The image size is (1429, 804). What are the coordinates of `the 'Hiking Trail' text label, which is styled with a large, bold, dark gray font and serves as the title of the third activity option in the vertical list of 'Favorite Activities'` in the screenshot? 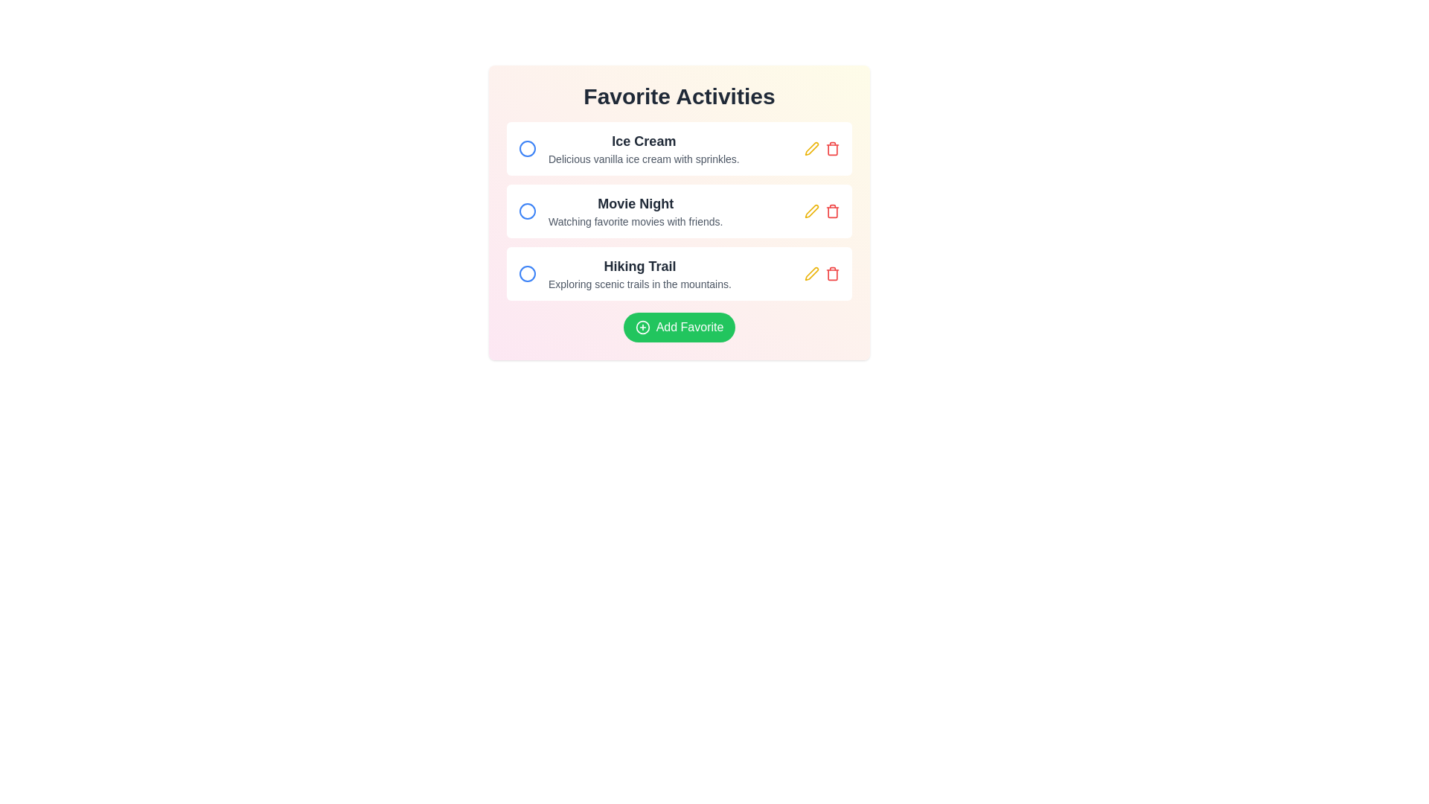 It's located at (639, 266).